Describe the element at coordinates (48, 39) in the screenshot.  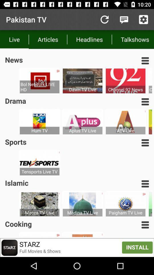
I see `item to the left of the headlines icon` at that location.